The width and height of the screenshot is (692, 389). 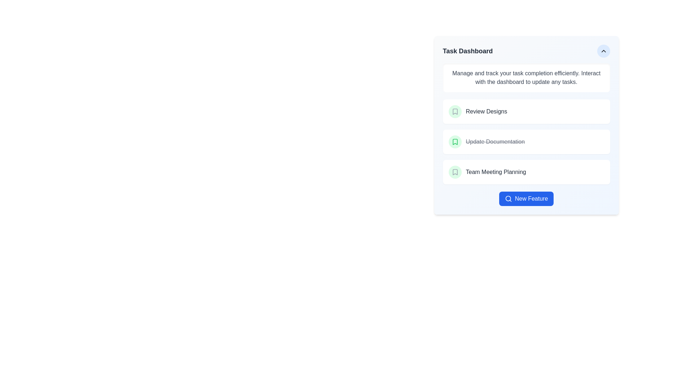 I want to click on the button at the bottom center of the white card titled 'Task Dashboard', so click(x=526, y=198).